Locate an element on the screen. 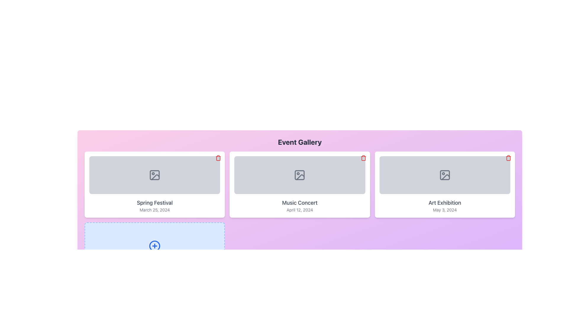  text label displaying 'Music Concert' which is styled in medium gray font and located above the date label in a card layout is located at coordinates (300, 202).